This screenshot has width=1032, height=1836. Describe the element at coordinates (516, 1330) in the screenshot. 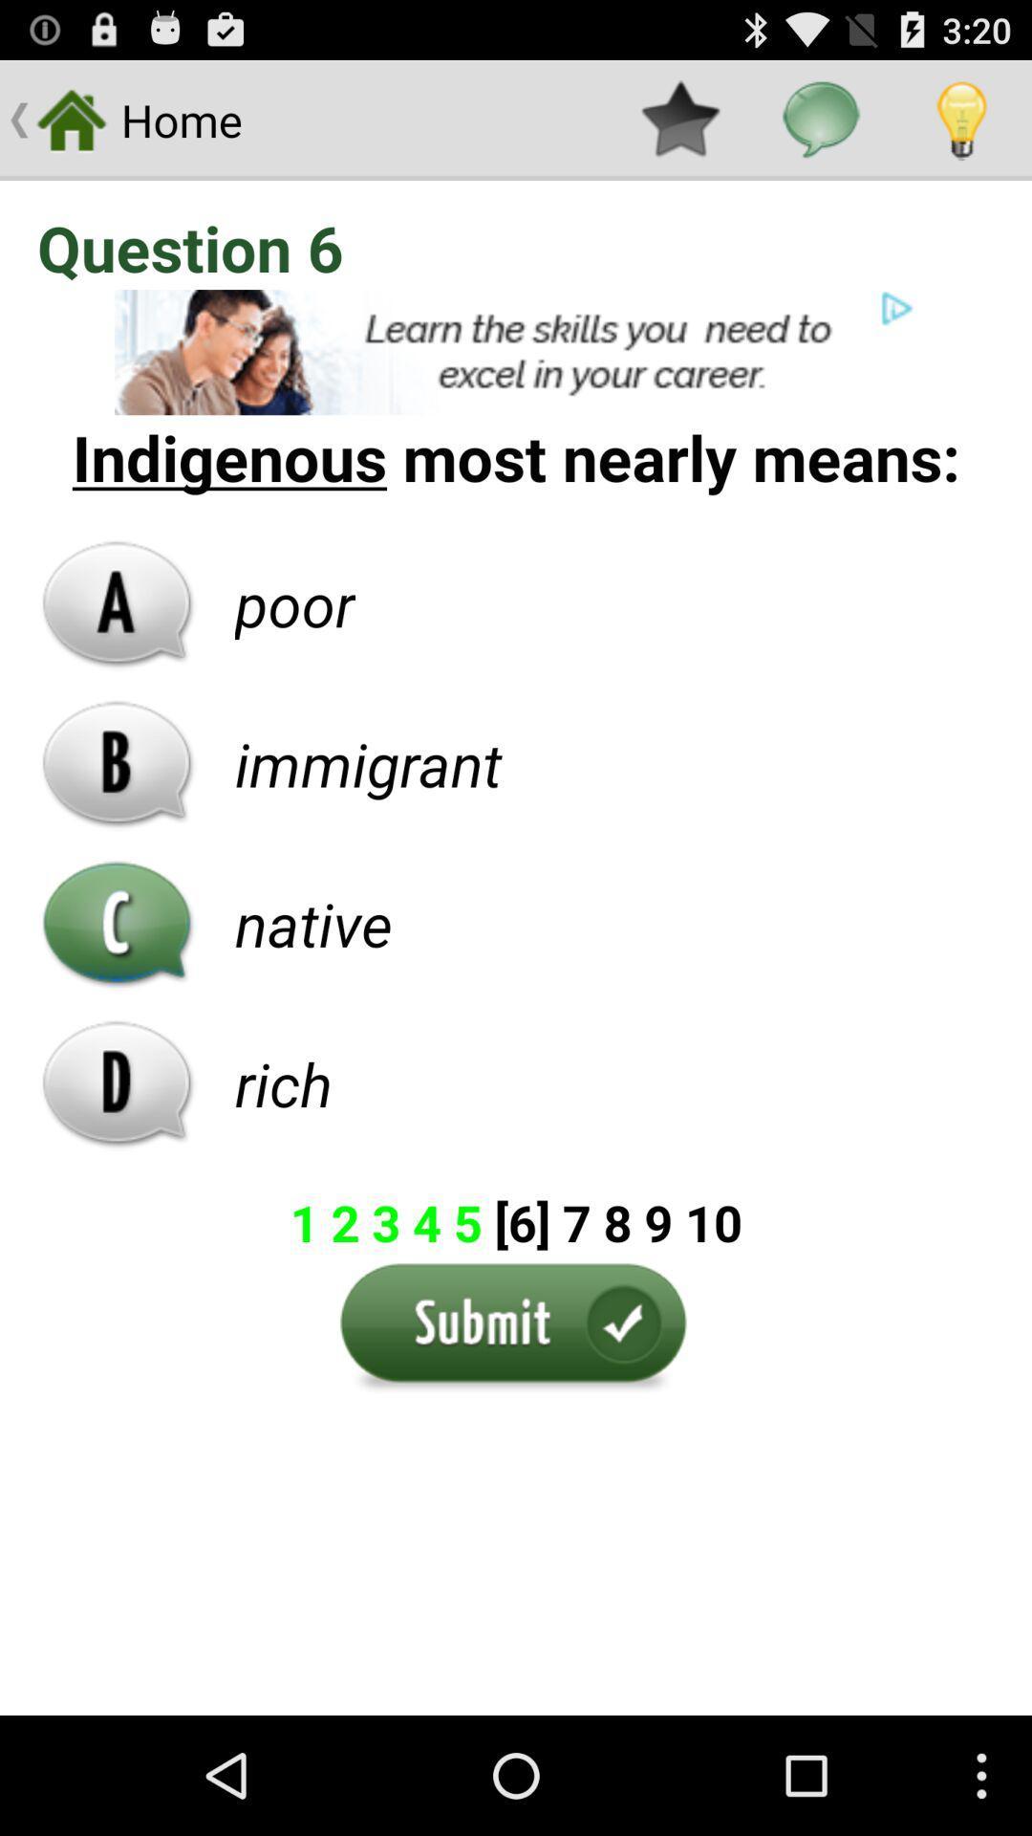

I see `the submit option` at that location.